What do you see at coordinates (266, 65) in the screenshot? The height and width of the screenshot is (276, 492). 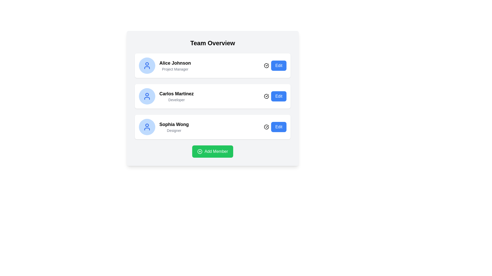 I see `the user activity status icon next to 'Carlos Martinez' in the middle card of the three-item list` at bounding box center [266, 65].